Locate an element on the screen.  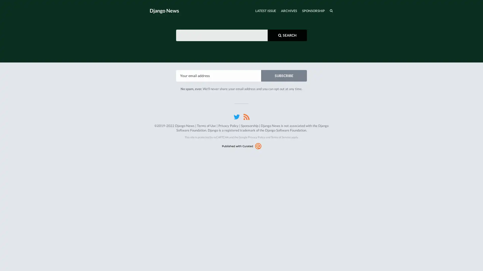
SEARCH is located at coordinates (320, 11).